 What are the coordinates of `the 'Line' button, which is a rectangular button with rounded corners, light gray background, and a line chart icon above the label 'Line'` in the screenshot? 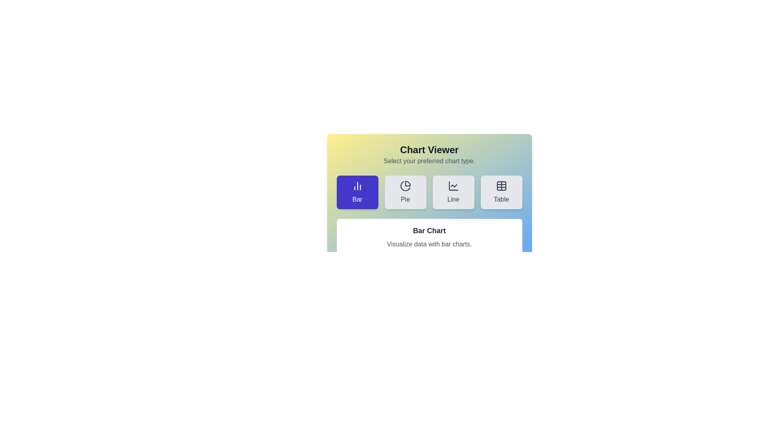 It's located at (453, 192).